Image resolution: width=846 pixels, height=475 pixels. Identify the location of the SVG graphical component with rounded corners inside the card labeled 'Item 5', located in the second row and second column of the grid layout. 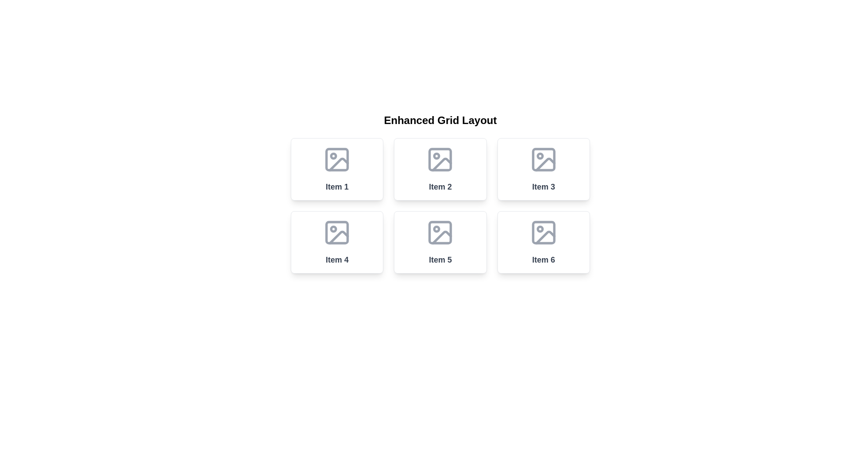
(440, 232).